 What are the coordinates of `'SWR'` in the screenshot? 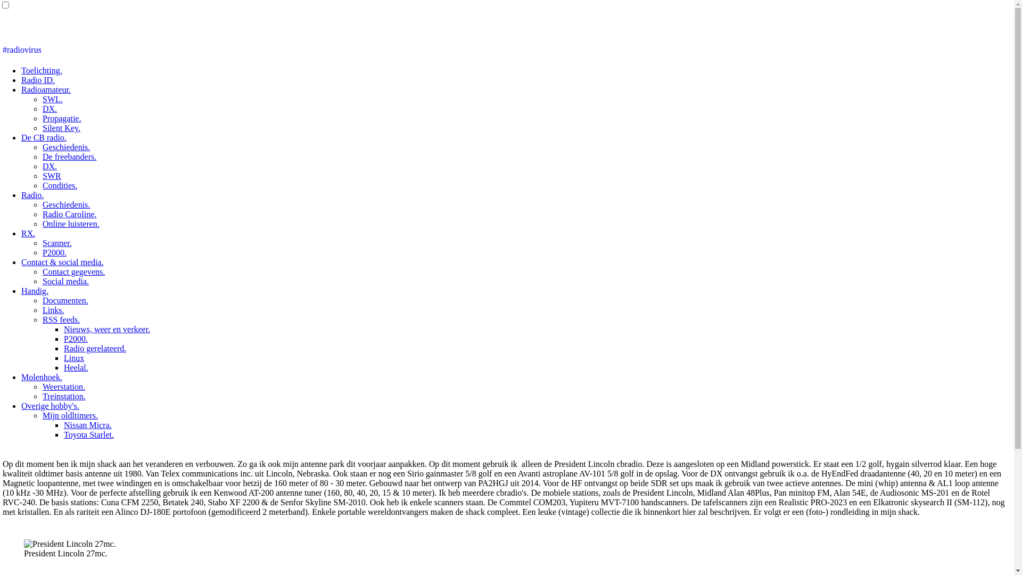 It's located at (51, 175).